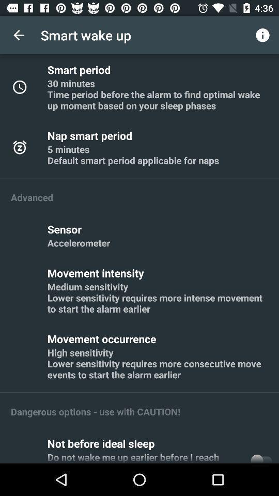 The width and height of the screenshot is (279, 496). Describe the element at coordinates (146, 456) in the screenshot. I see `do not wake item` at that location.